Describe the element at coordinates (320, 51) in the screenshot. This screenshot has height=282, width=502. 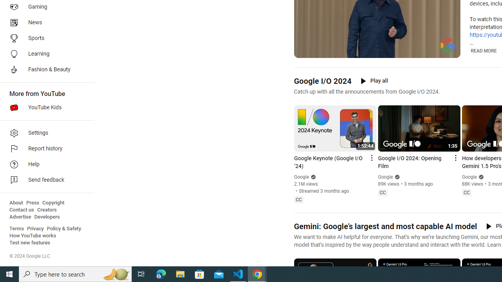
I see `'Mute (m)'` at that location.